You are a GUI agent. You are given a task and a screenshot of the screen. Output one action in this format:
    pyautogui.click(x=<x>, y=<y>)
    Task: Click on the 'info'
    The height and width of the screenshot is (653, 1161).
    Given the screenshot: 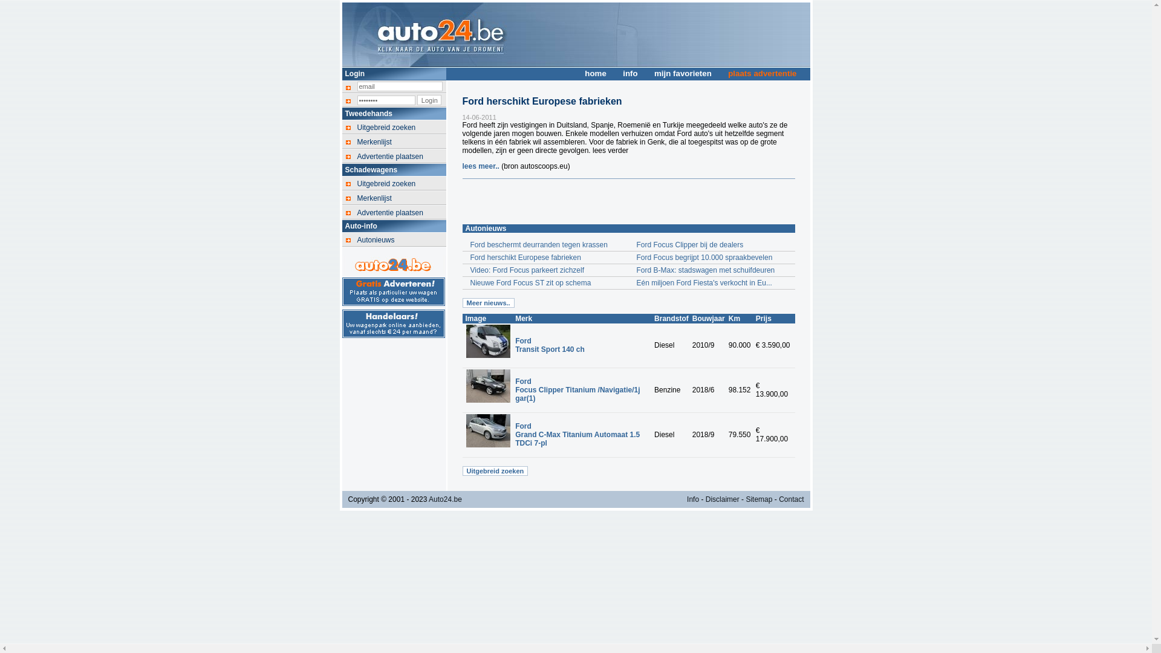 What is the action you would take?
    pyautogui.click(x=629, y=73)
    